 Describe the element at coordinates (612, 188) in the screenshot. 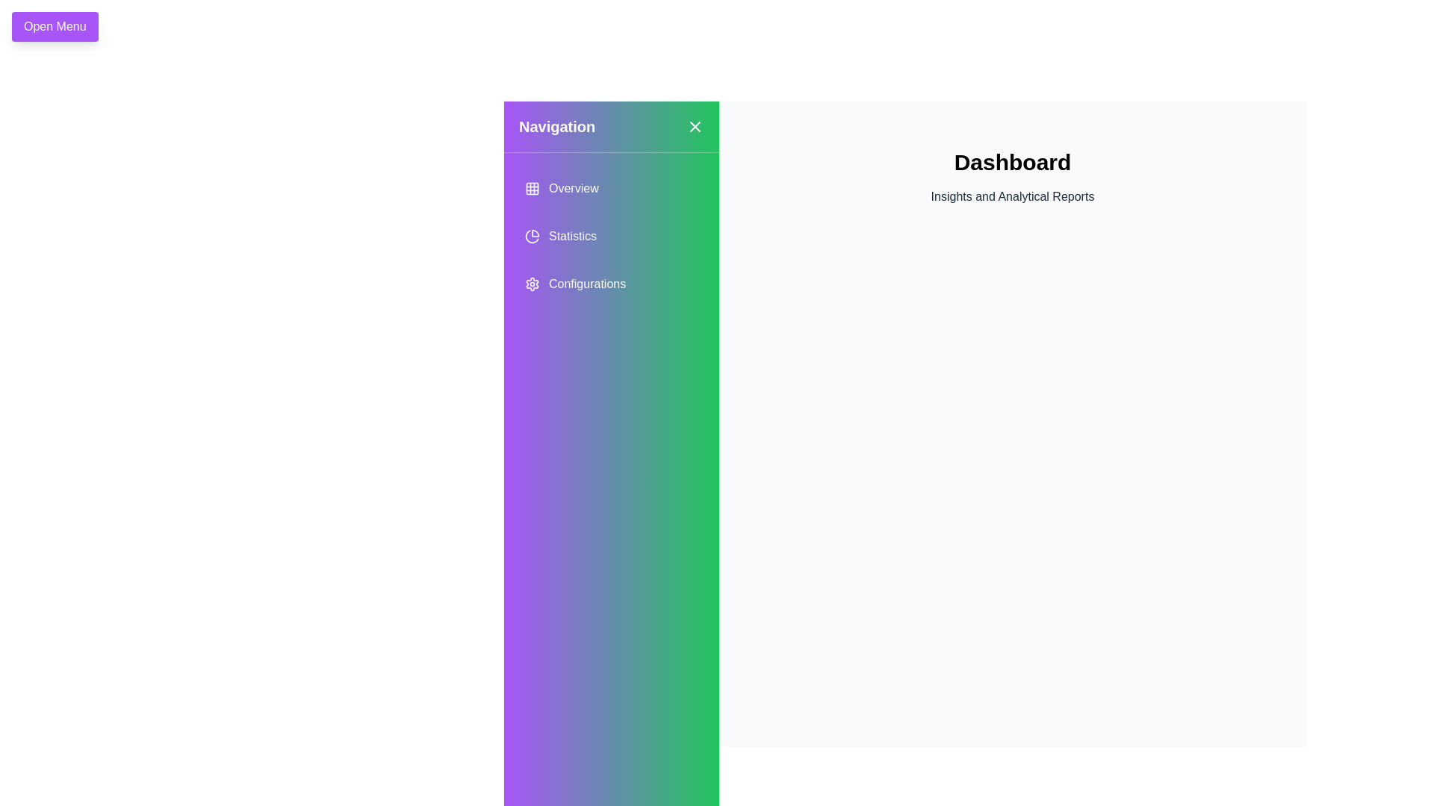

I see `the 'Overview' menu item in the navigation drawer` at that location.